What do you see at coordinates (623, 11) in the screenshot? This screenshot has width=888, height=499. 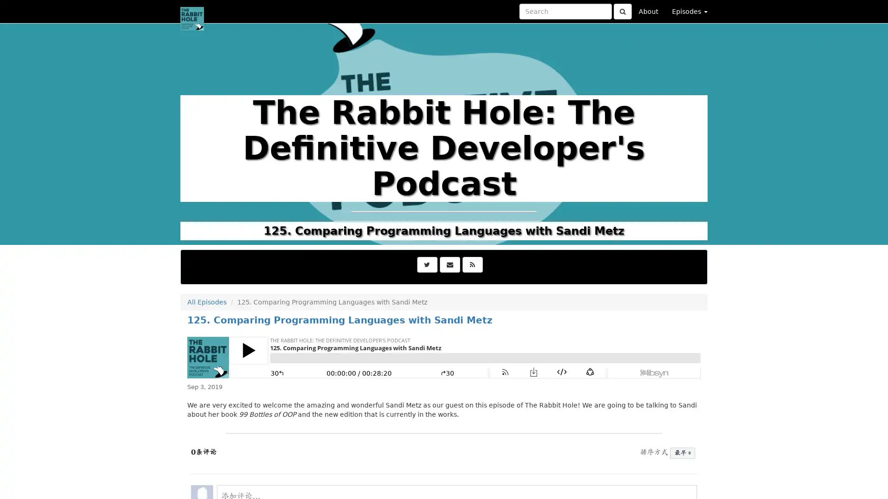 I see `Click to submit search` at bounding box center [623, 11].